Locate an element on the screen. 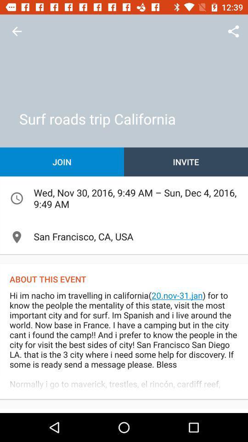 The image size is (248, 442). invite item is located at coordinates (186, 162).